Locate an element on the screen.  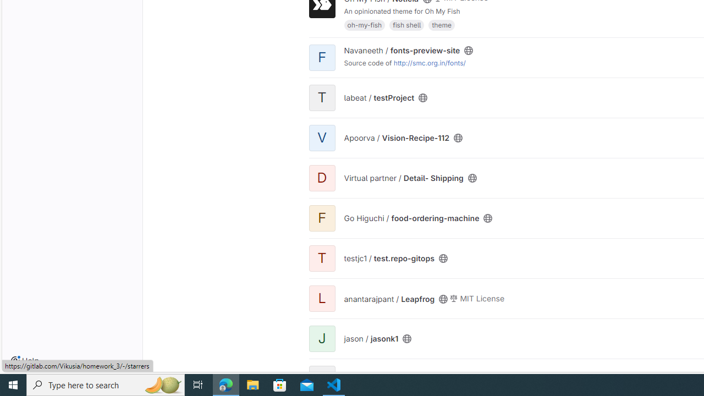
'theme' is located at coordinates (441, 24).